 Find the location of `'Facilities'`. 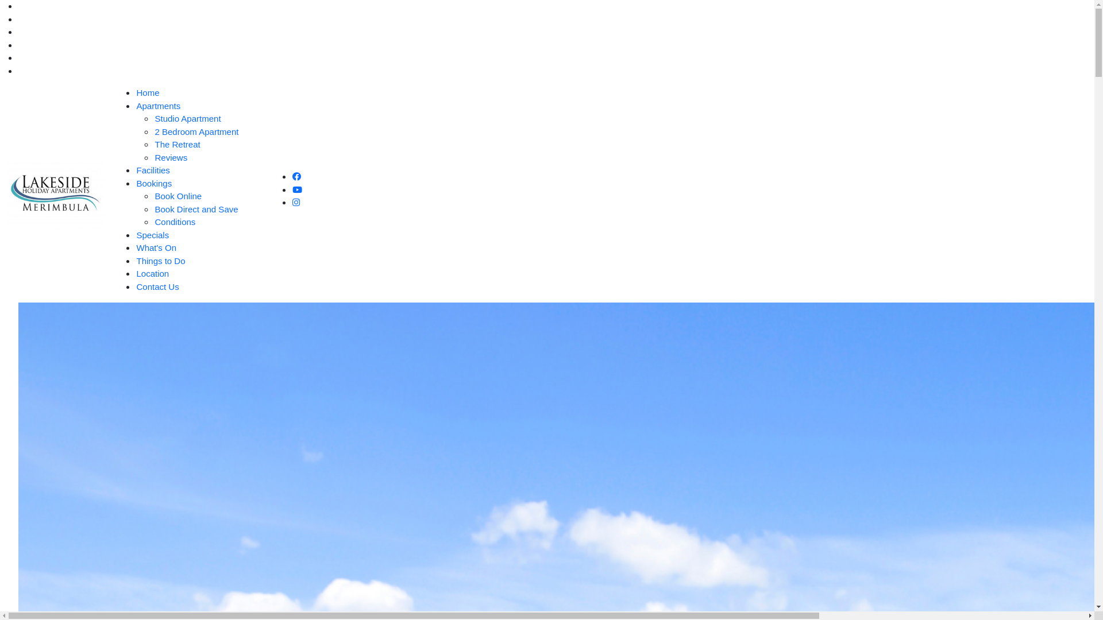

'Facilities' is located at coordinates (152, 170).